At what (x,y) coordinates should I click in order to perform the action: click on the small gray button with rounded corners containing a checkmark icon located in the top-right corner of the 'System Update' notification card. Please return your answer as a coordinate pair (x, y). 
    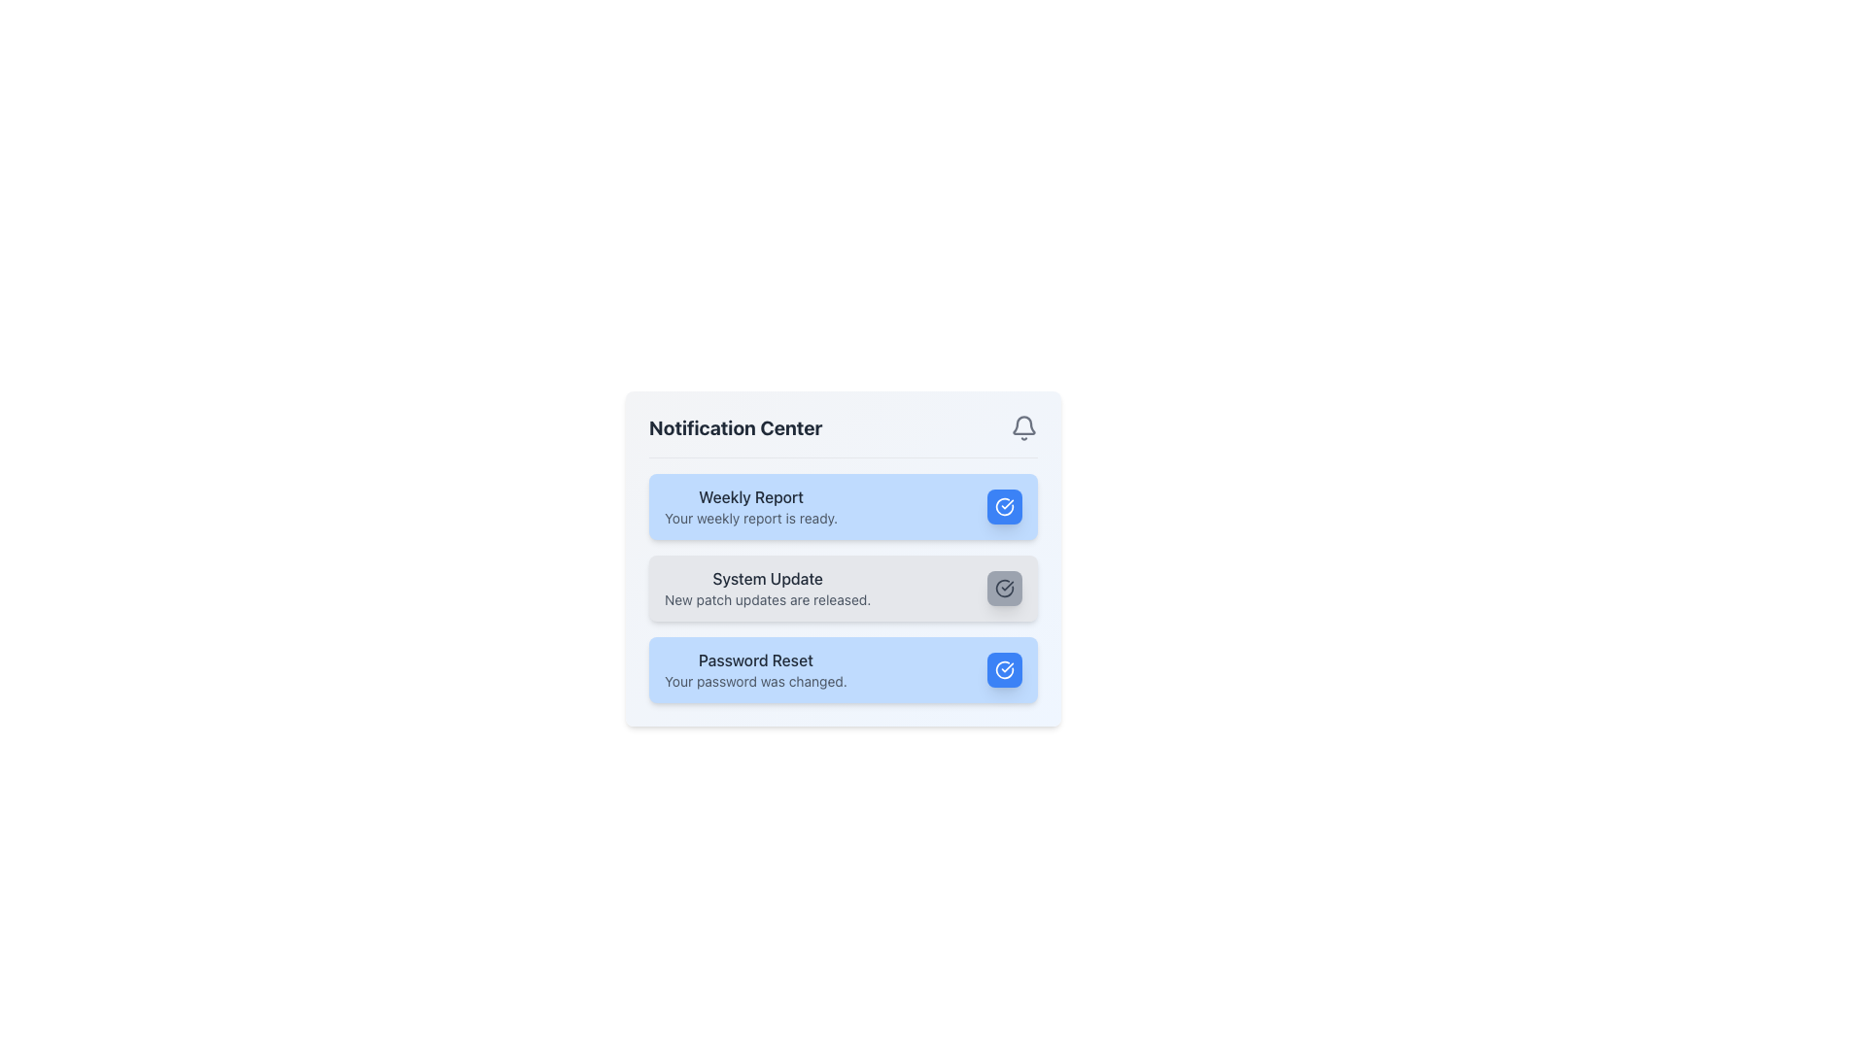
    Looking at the image, I should click on (1004, 587).